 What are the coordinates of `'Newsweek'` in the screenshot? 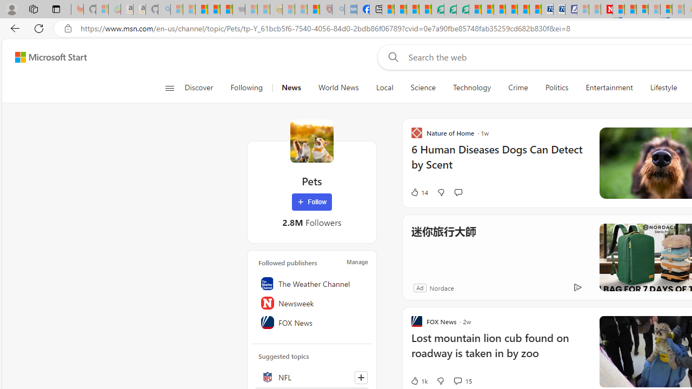 It's located at (311, 303).